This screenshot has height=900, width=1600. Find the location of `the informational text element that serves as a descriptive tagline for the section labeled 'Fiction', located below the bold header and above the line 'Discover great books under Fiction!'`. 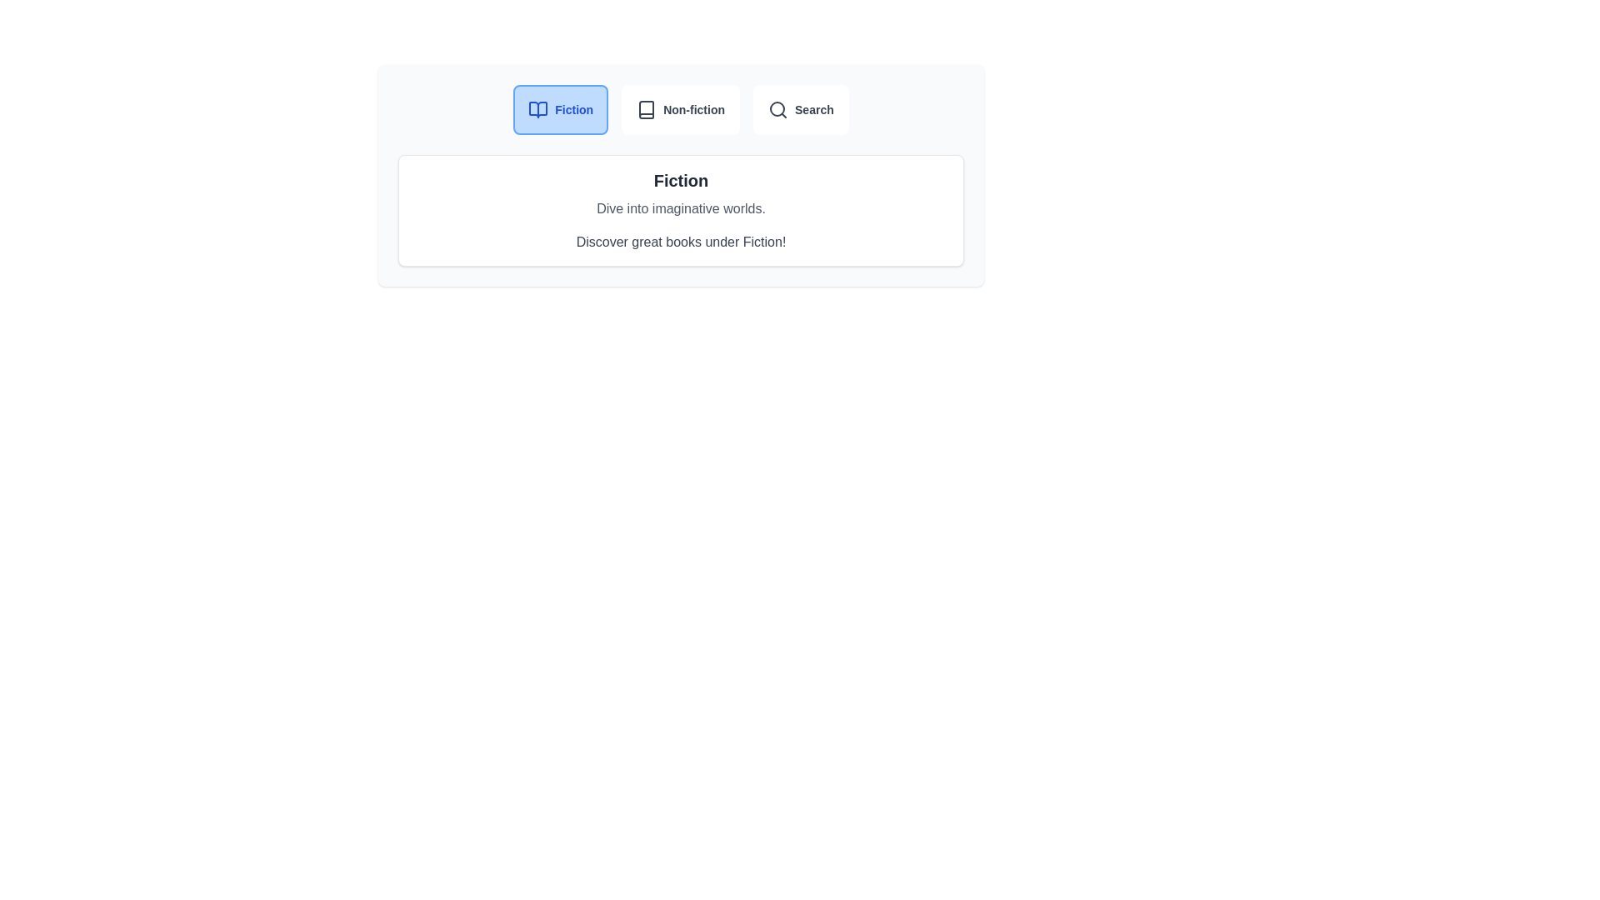

the informational text element that serves as a descriptive tagline for the section labeled 'Fiction', located below the bold header and above the line 'Discover great books under Fiction!' is located at coordinates (681, 207).